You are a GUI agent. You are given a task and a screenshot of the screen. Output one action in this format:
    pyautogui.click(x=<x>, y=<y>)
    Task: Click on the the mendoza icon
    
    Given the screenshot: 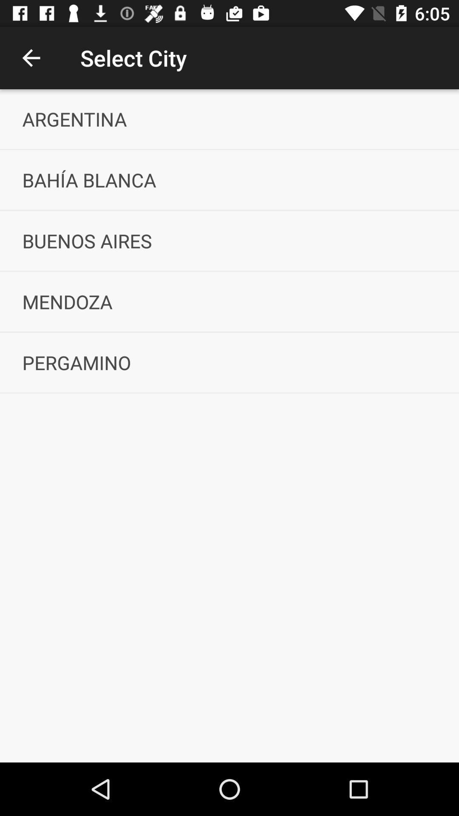 What is the action you would take?
    pyautogui.click(x=229, y=301)
    